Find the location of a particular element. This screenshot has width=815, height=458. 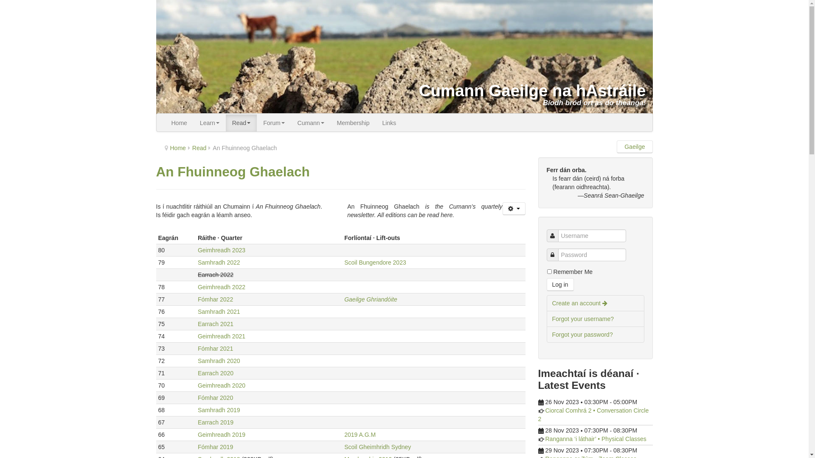

'Samhradh 2019' is located at coordinates (219, 410).